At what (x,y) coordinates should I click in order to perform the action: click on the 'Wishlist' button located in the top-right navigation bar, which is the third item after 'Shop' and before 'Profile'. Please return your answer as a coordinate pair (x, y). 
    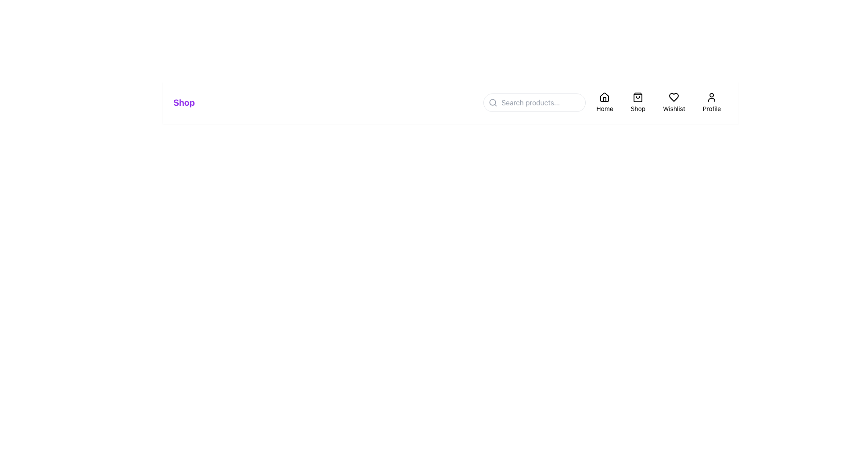
    Looking at the image, I should click on (674, 102).